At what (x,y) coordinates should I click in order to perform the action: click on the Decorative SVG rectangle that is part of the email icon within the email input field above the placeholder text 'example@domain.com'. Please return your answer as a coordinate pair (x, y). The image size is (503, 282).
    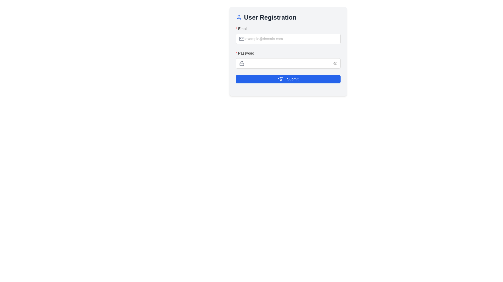
    Looking at the image, I should click on (241, 39).